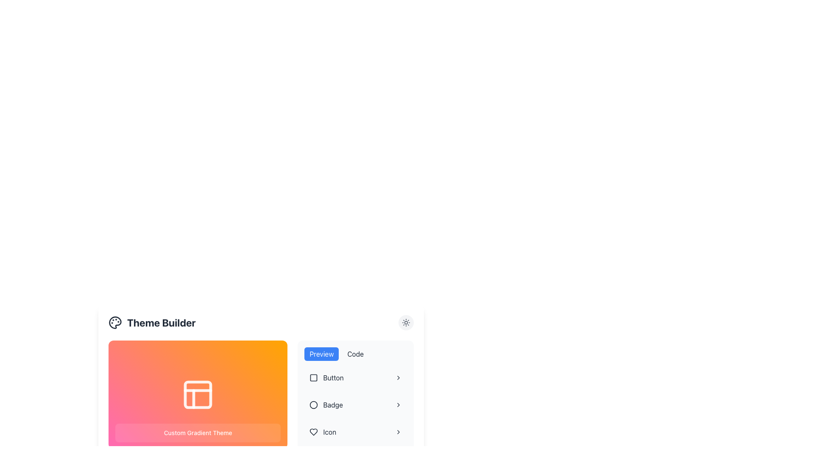  I want to click on the button located immediately to the right of the 'Preview' button, which serves to view or edit the code of the selected item or module, so click(355, 354).